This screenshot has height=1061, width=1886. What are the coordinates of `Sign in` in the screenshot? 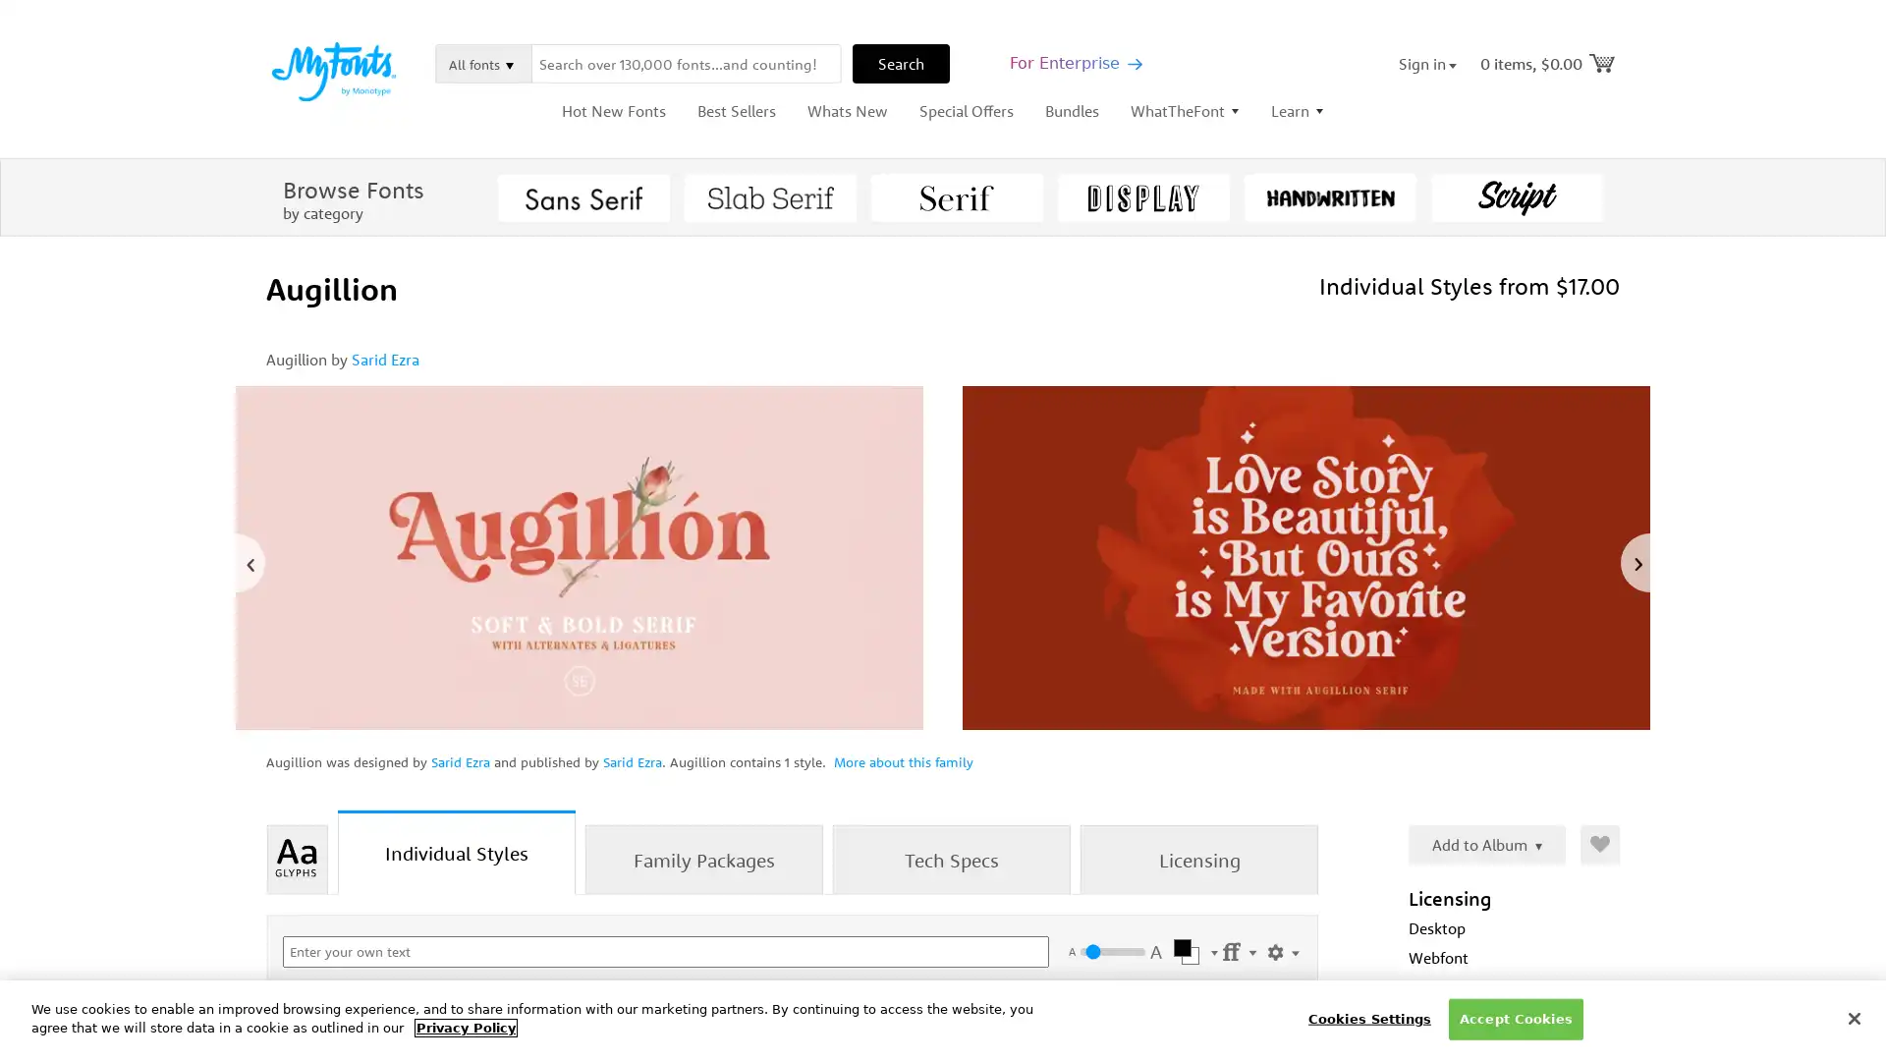 It's located at (1427, 63).